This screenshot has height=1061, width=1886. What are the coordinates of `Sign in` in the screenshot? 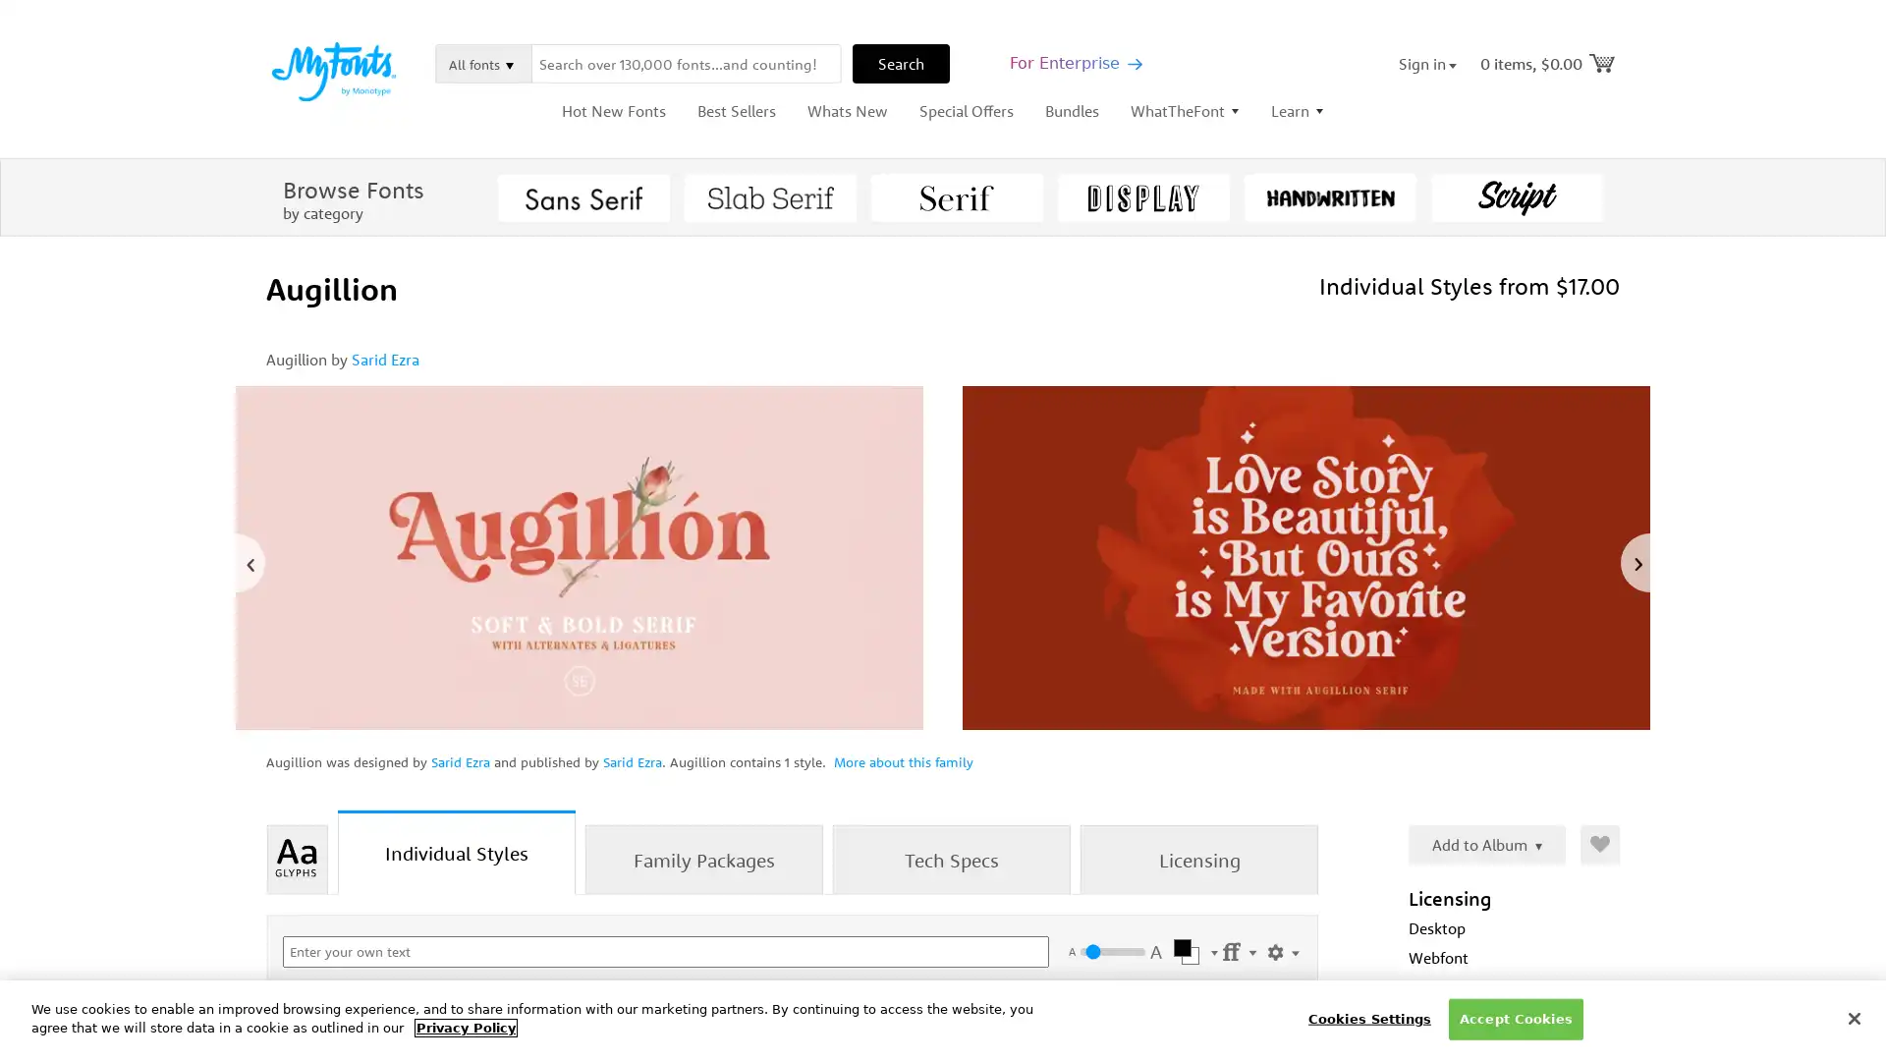 It's located at (1427, 63).